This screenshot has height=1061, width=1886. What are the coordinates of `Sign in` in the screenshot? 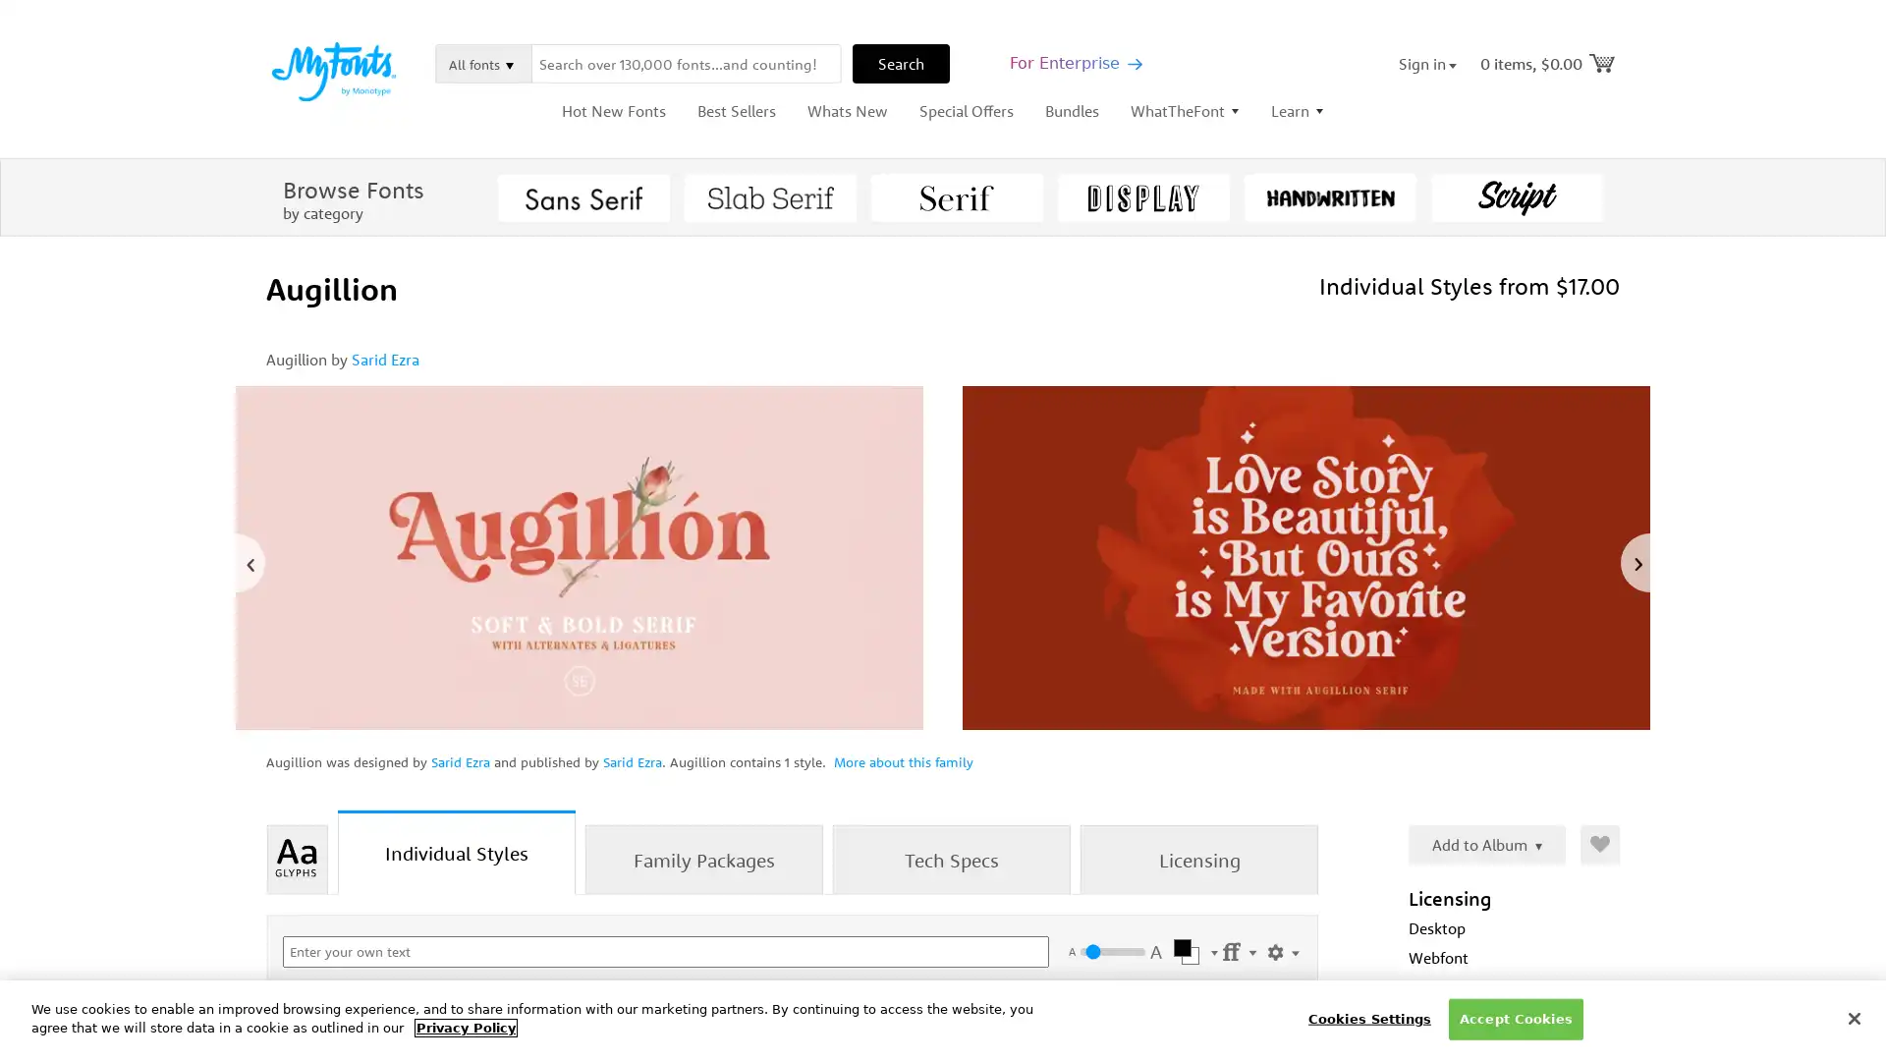 It's located at (1427, 63).